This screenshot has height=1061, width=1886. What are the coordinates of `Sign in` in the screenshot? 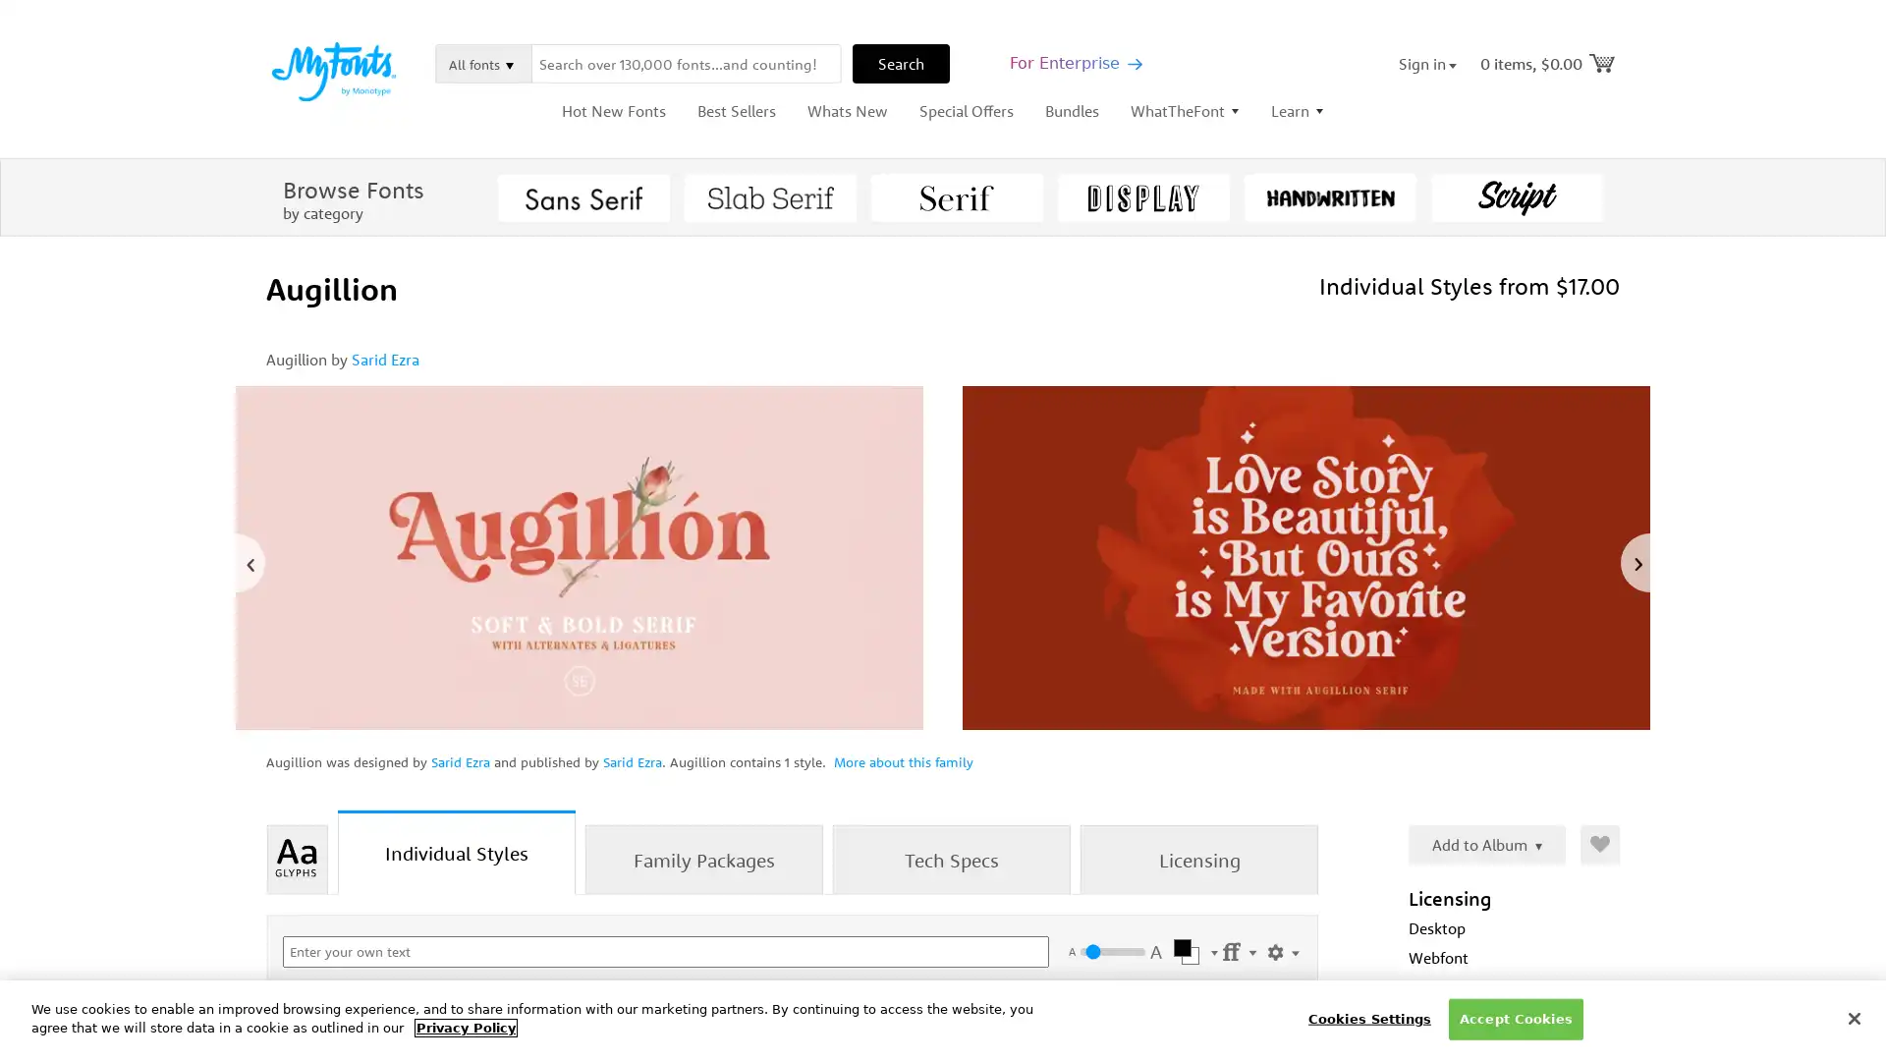 It's located at (1427, 63).